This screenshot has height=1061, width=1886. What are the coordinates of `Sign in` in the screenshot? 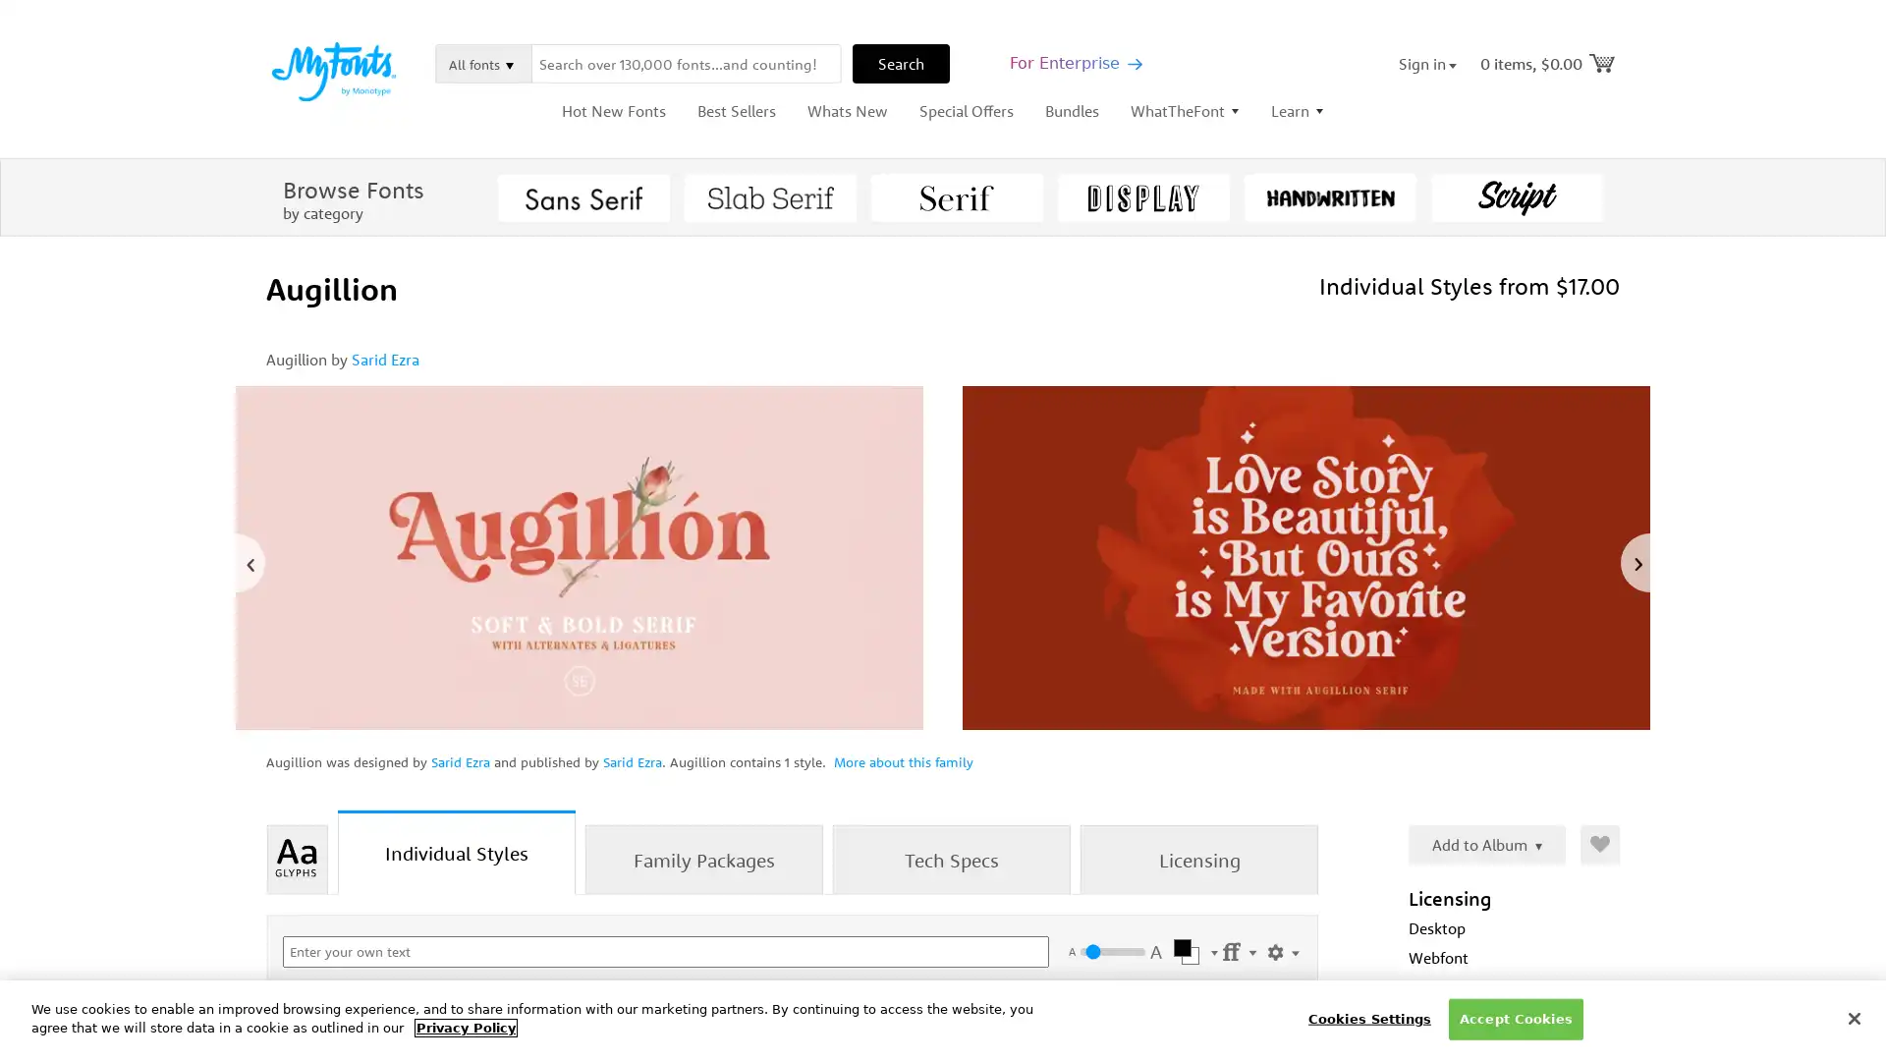 It's located at (1427, 63).